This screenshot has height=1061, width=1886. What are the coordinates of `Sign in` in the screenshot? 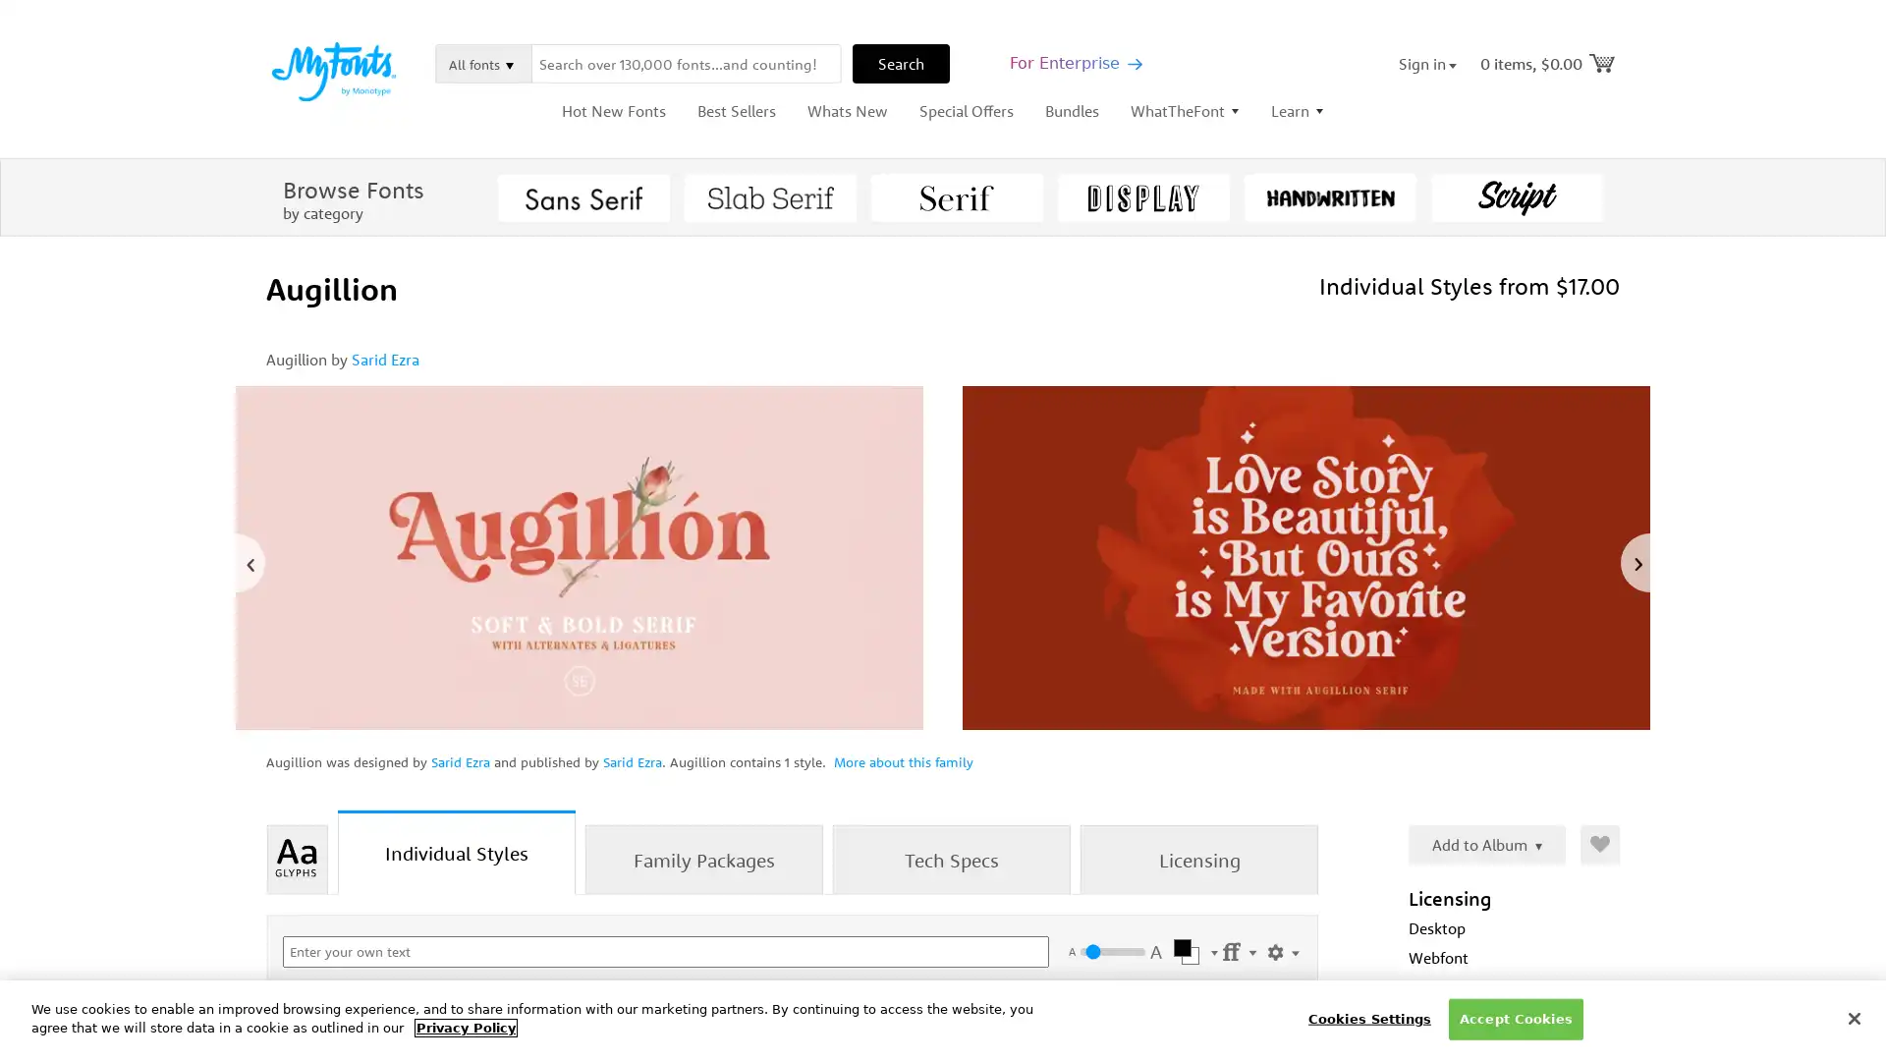 It's located at (1427, 63).